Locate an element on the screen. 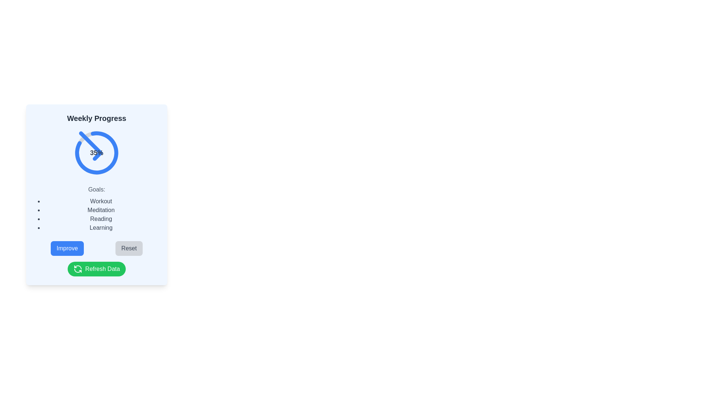 Image resolution: width=706 pixels, height=397 pixels. the 'Reset' button, which is a rectangular button with rounded corners and a gray background, located to the right of the 'Improve' button is located at coordinates (129, 248).